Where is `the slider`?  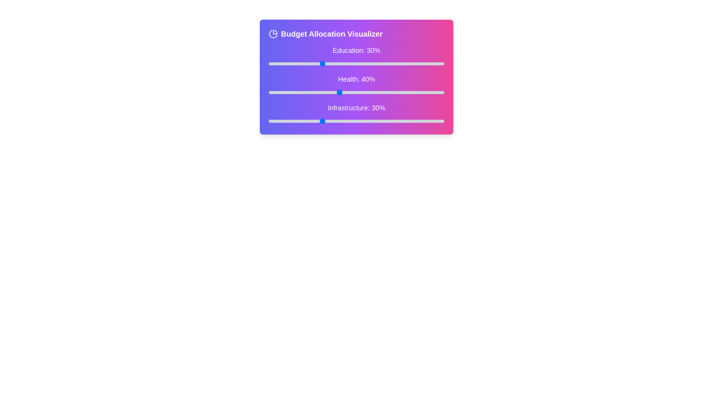 the slider is located at coordinates (409, 121).